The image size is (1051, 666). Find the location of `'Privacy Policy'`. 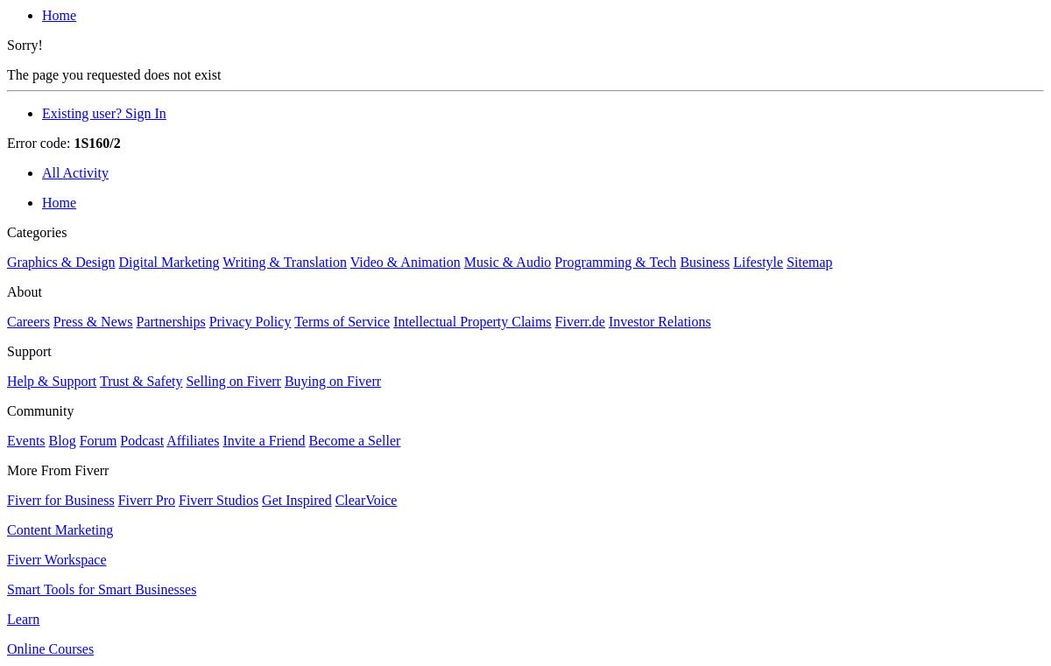

'Privacy Policy' is located at coordinates (249, 320).